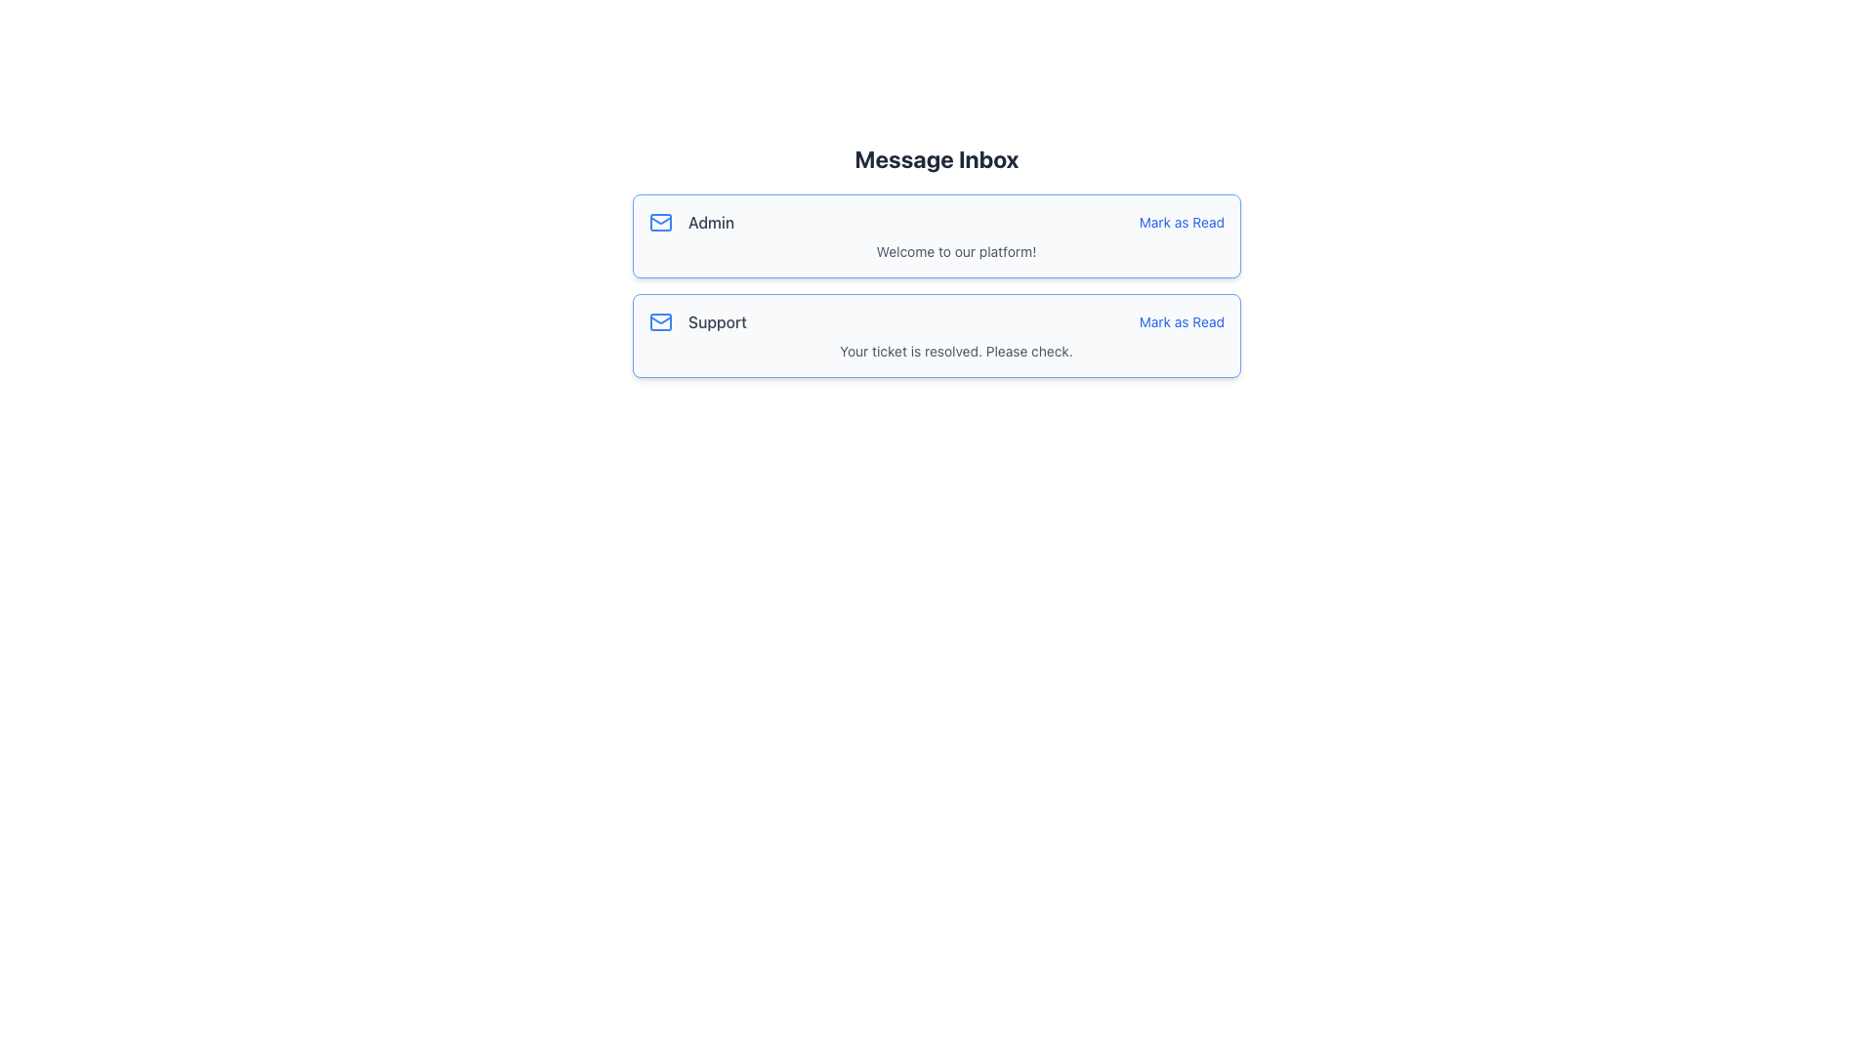  I want to click on the 'Admin' text label located on the left side of the first message card in the 'Message Inbox' section, so click(710, 221).